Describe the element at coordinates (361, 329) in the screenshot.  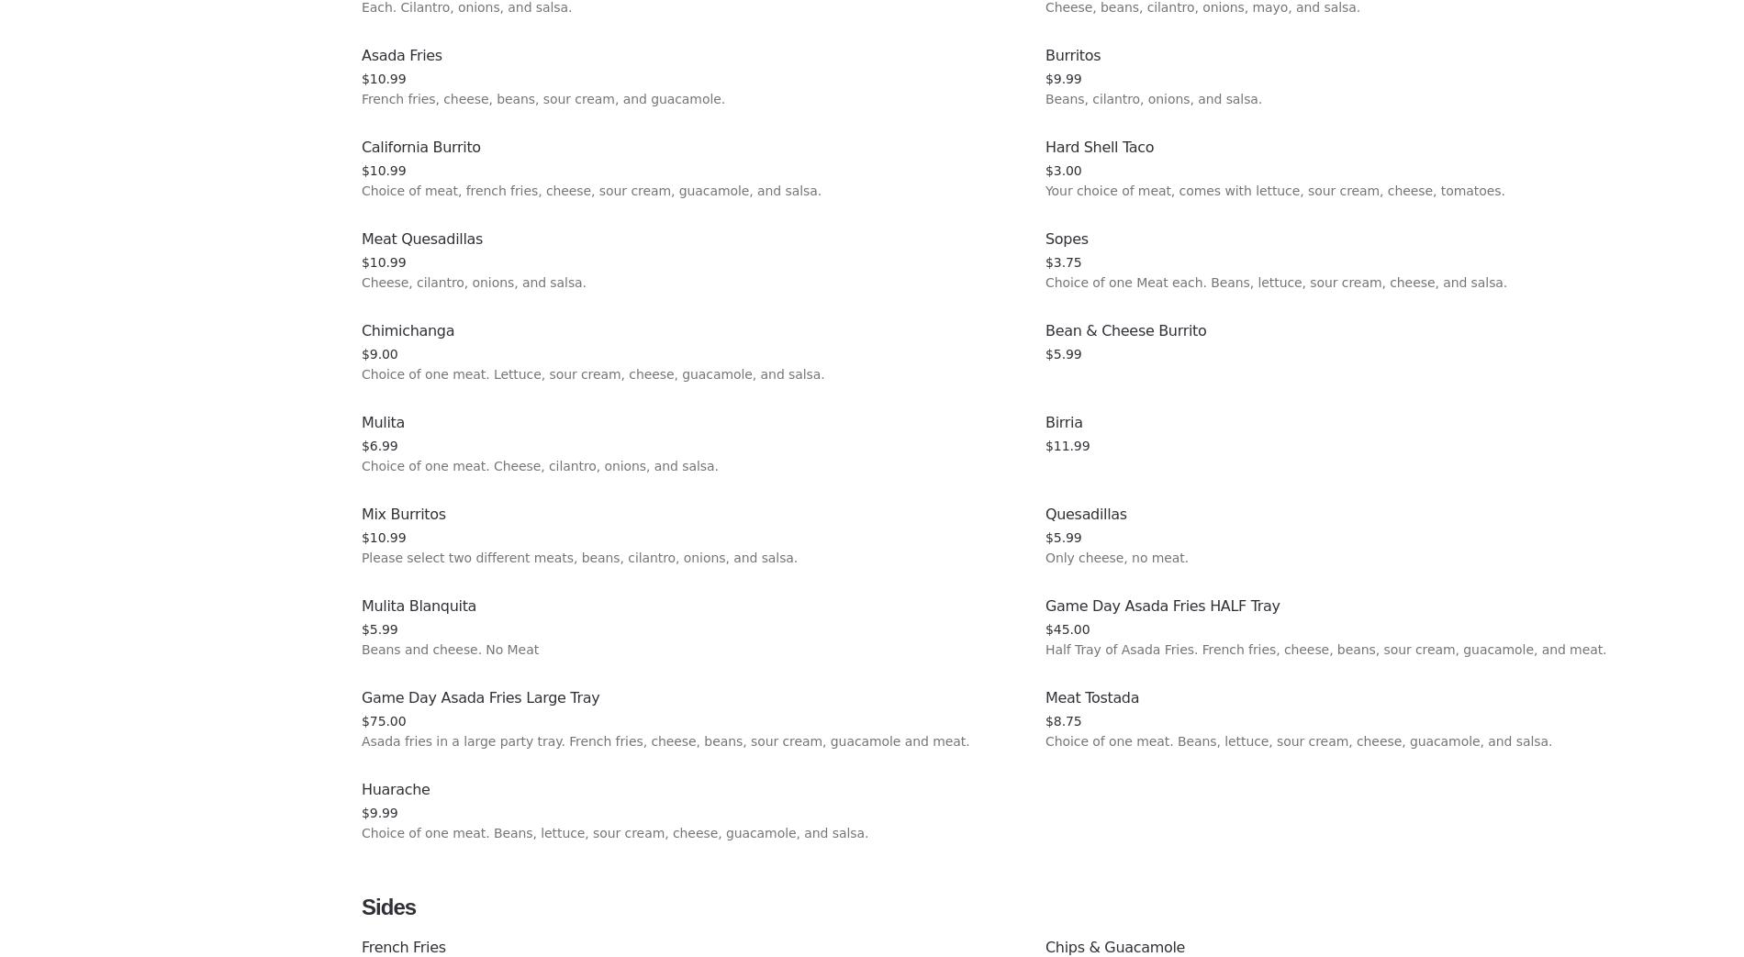
I see `'Chimichanga'` at that location.